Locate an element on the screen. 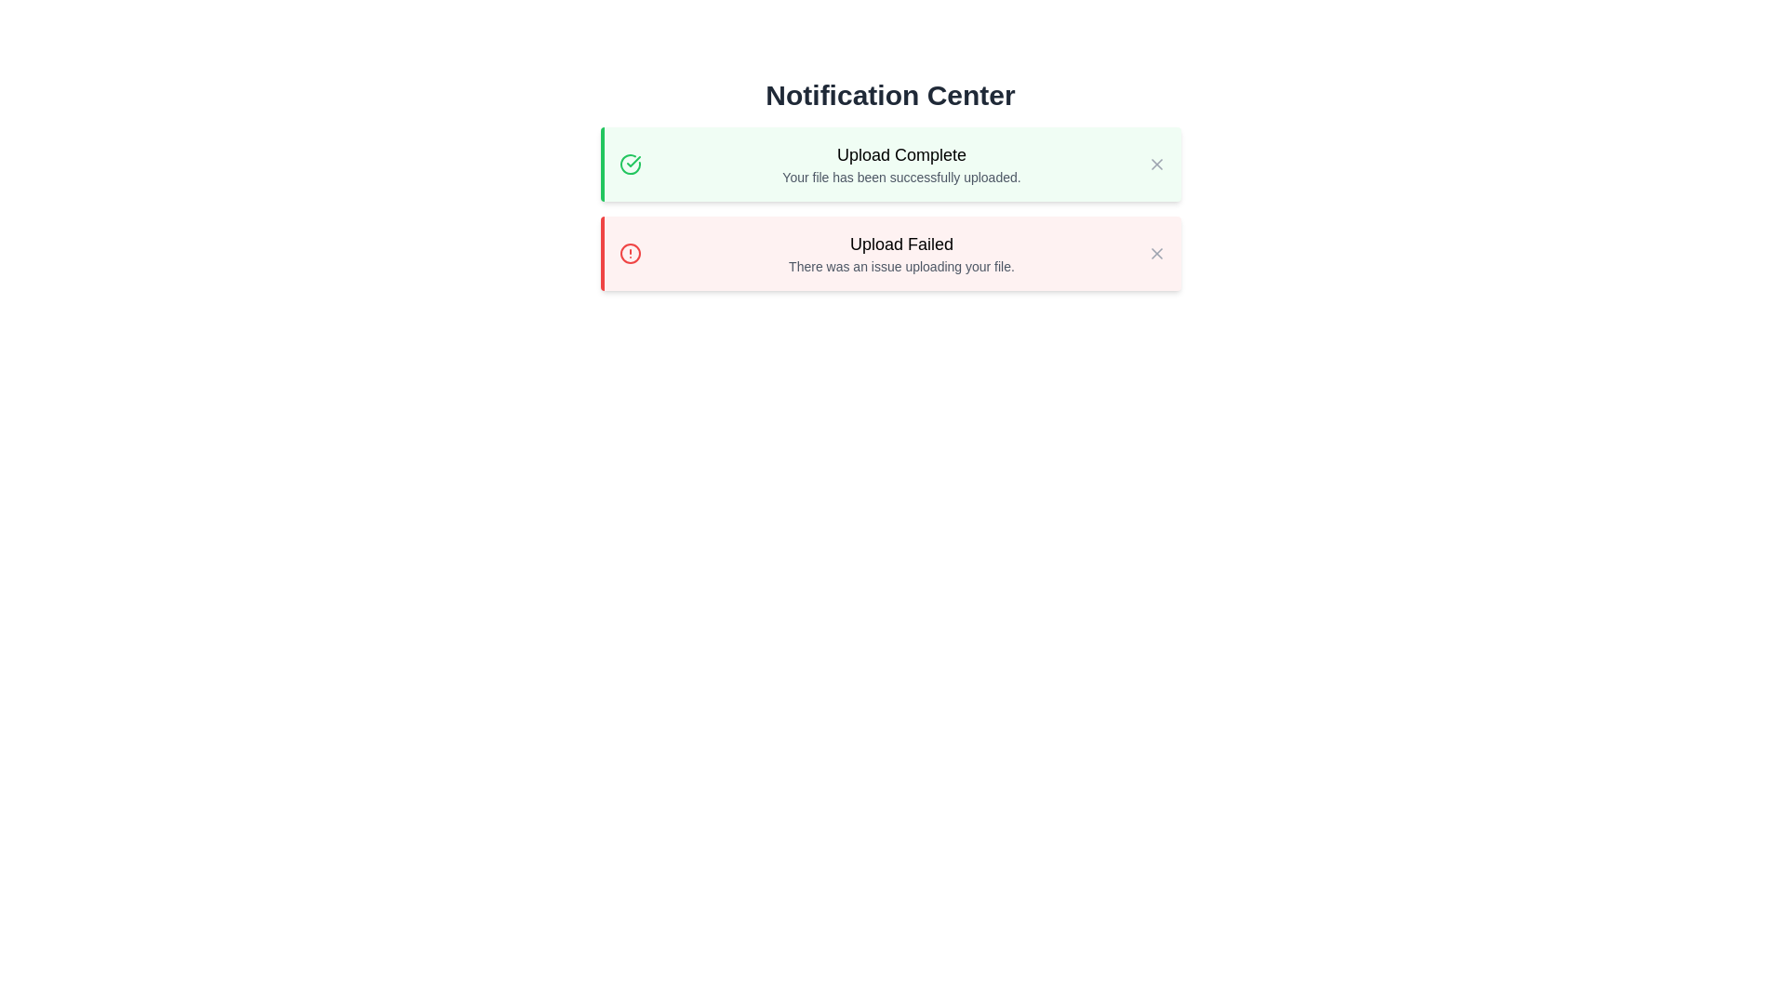 The image size is (1786, 1004). the close button located in the top-right corner of the 'Upload Failed' notification to change its color is located at coordinates (1155, 254).